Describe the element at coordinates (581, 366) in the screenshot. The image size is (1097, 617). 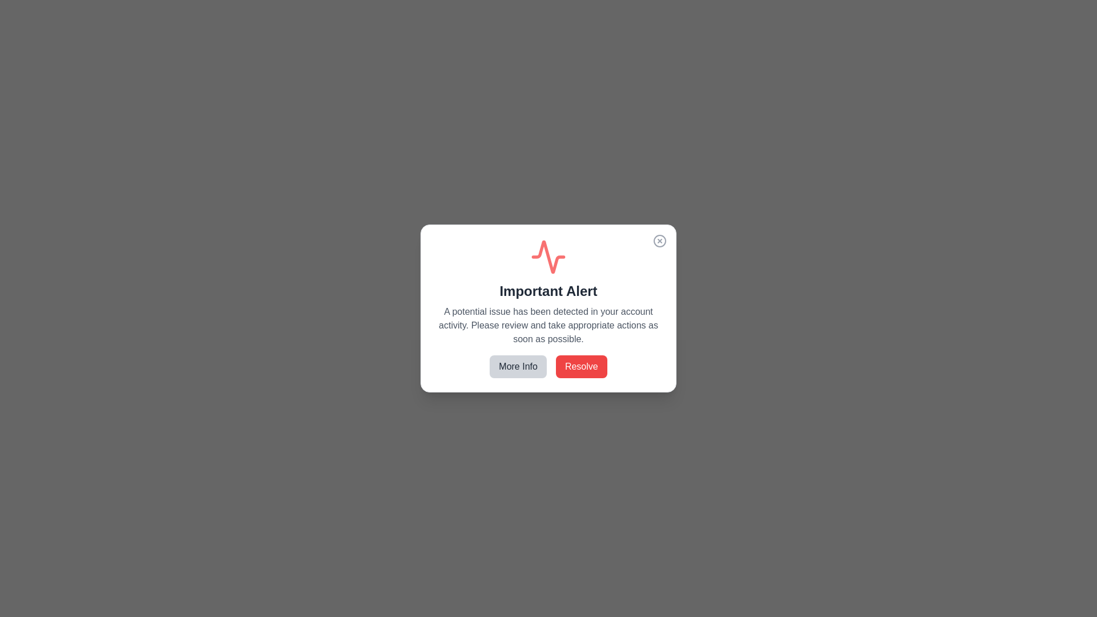
I see `the 'Resolve' button to indicate the issue is resolved` at that location.